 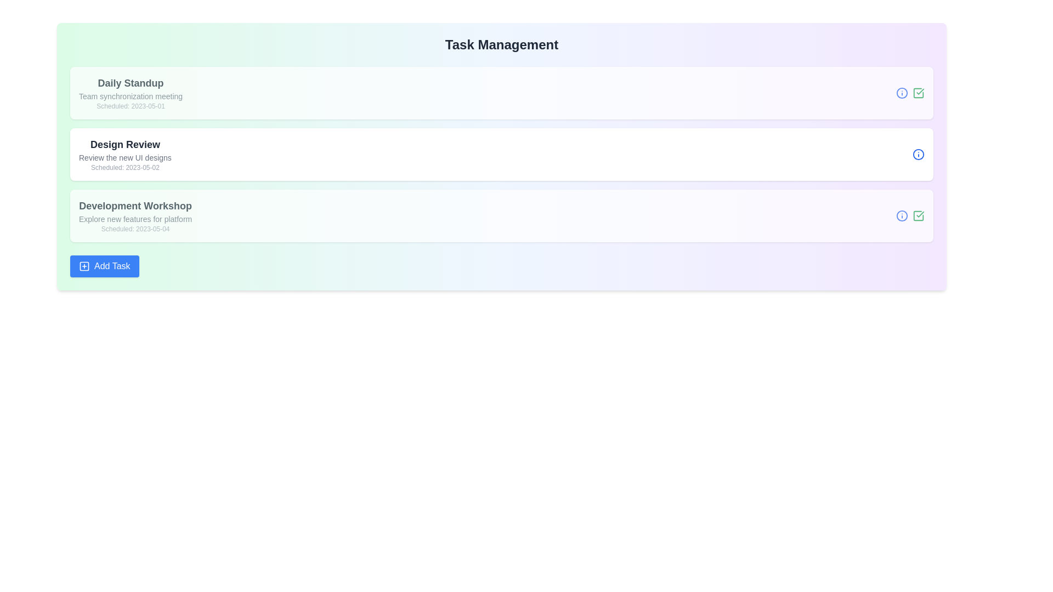 I want to click on the 'Add Task' button to add a new task, so click(x=104, y=266).